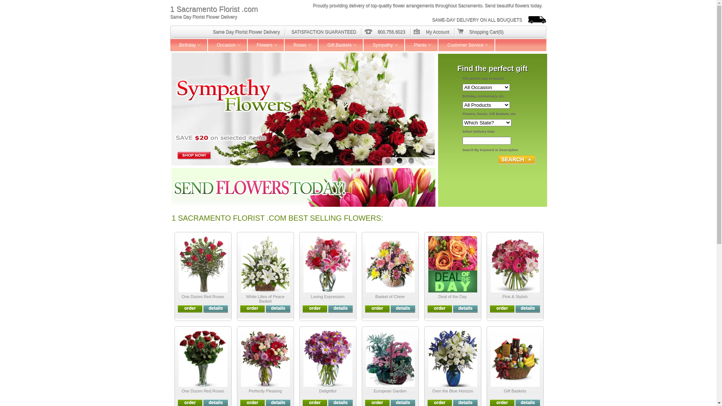 The image size is (722, 406). Describe the element at coordinates (375, 296) in the screenshot. I see `'Basket of Cheer'` at that location.